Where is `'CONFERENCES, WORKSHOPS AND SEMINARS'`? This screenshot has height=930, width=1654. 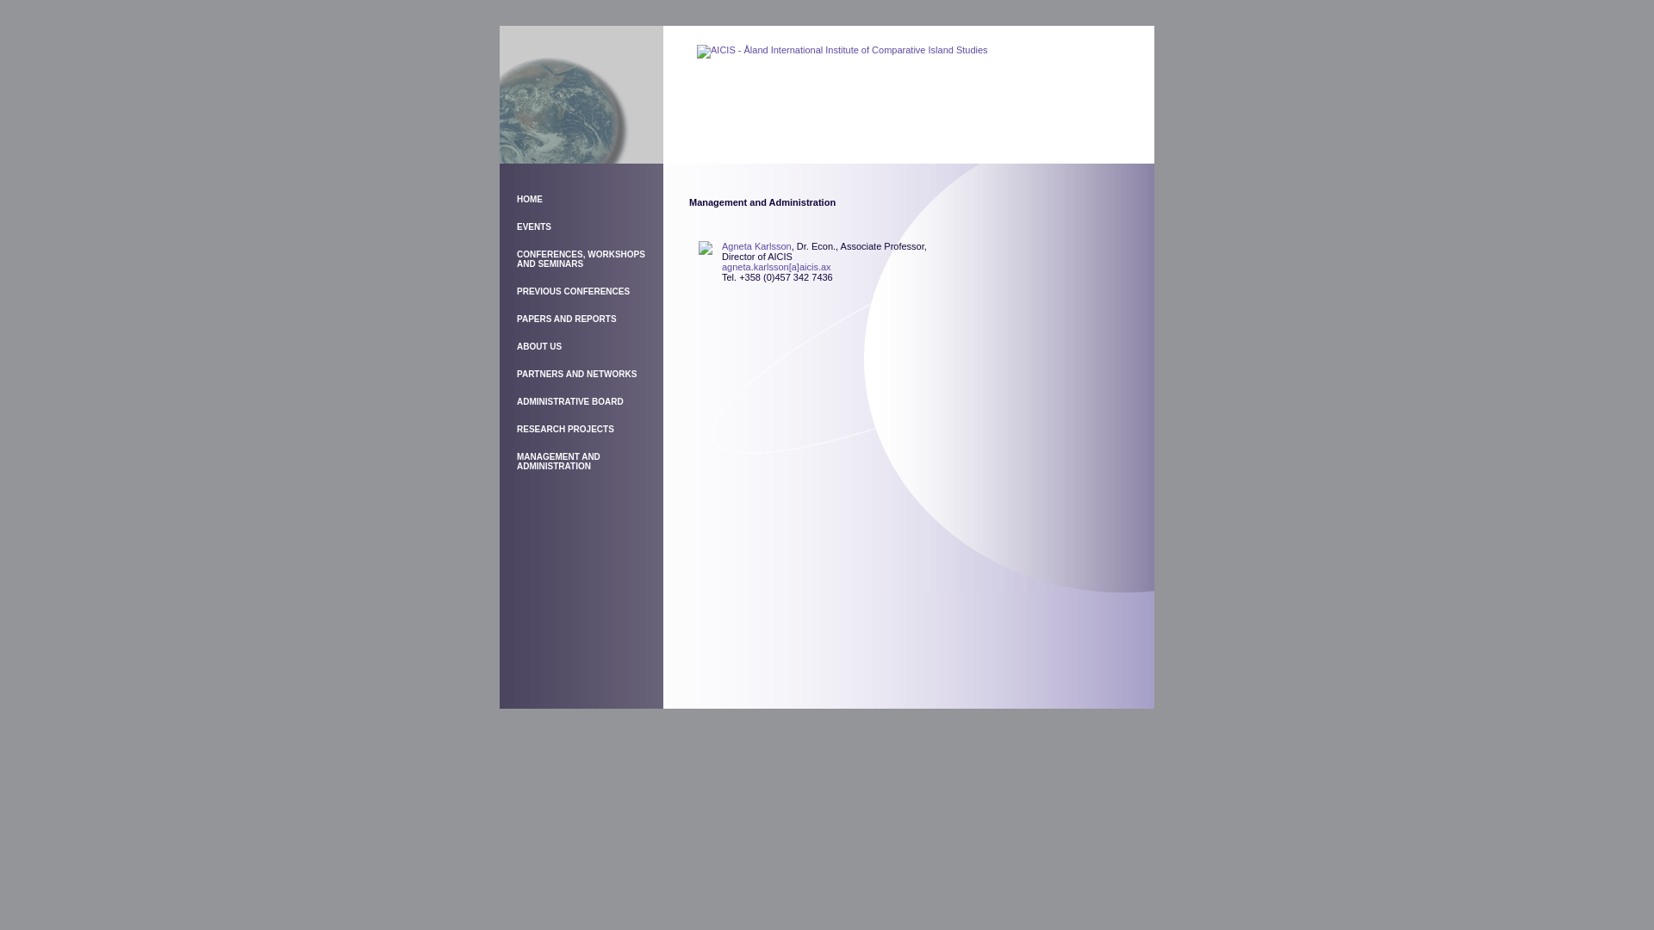
'CONFERENCES, WORKSHOPS AND SEMINARS' is located at coordinates (581, 258).